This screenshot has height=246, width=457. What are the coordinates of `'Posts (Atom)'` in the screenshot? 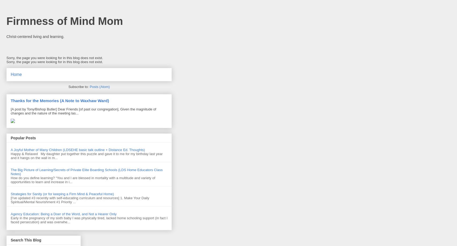 It's located at (100, 87).